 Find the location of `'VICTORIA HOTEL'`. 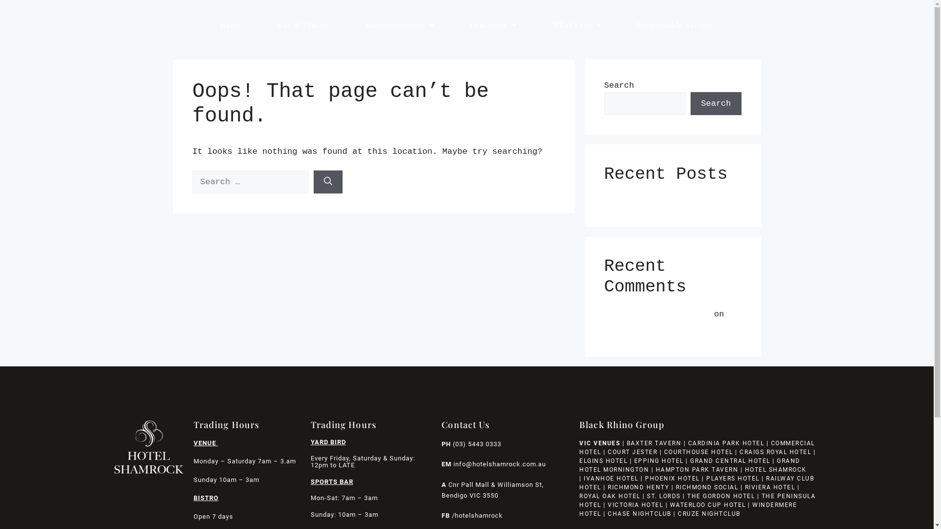

'VICTORIA HOTEL' is located at coordinates (635, 505).